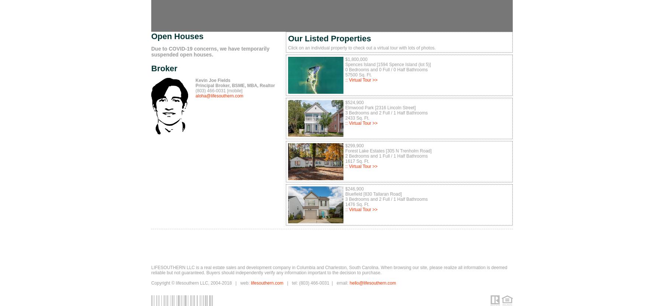 The image size is (664, 306). Describe the element at coordinates (266, 283) in the screenshot. I see `'lifesouthern.com'` at that location.